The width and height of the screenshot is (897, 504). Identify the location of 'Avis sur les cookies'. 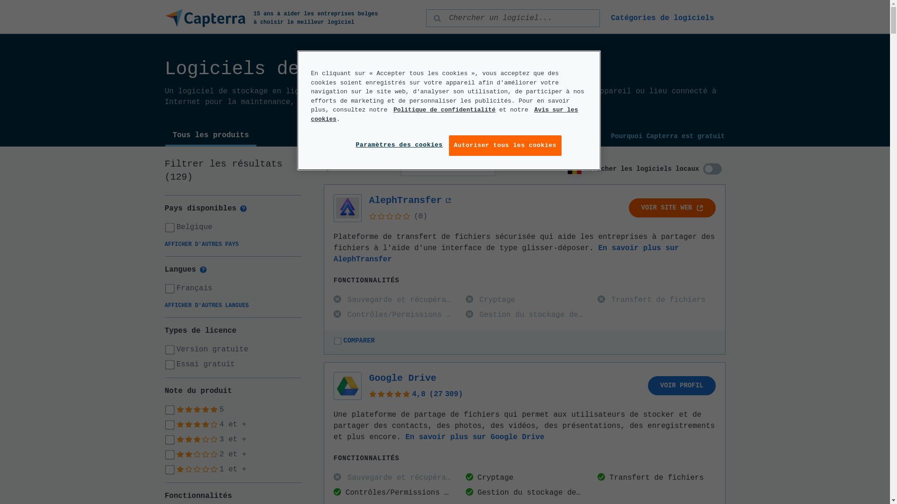
(444, 114).